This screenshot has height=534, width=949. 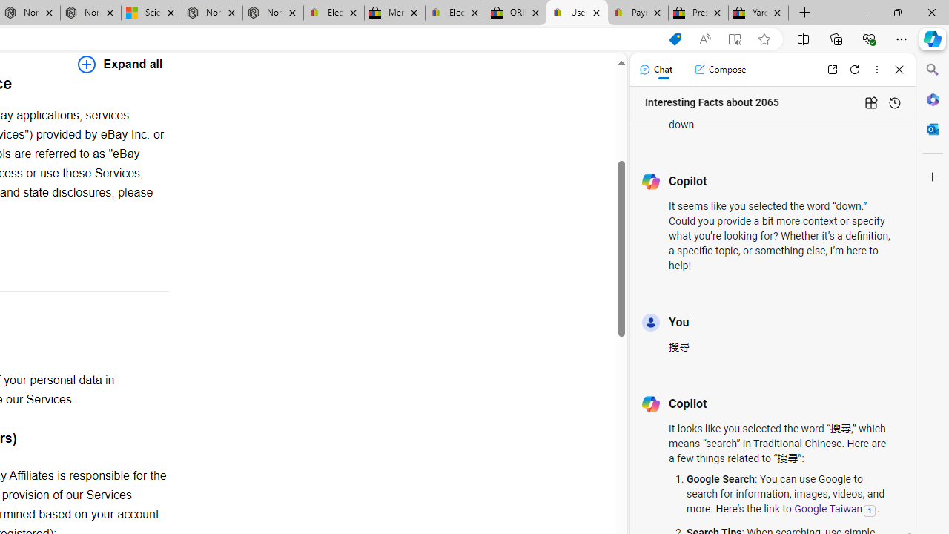 What do you see at coordinates (655, 69) in the screenshot?
I see `'Chat'` at bounding box center [655, 69].